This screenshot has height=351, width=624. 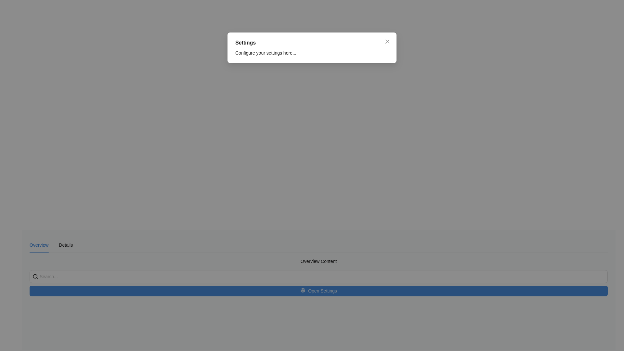 What do you see at coordinates (66, 245) in the screenshot?
I see `the 'Details' tab located in the top navigation bar, which is styled with a standard tab design and positioned next to the 'Overview' tab` at bounding box center [66, 245].